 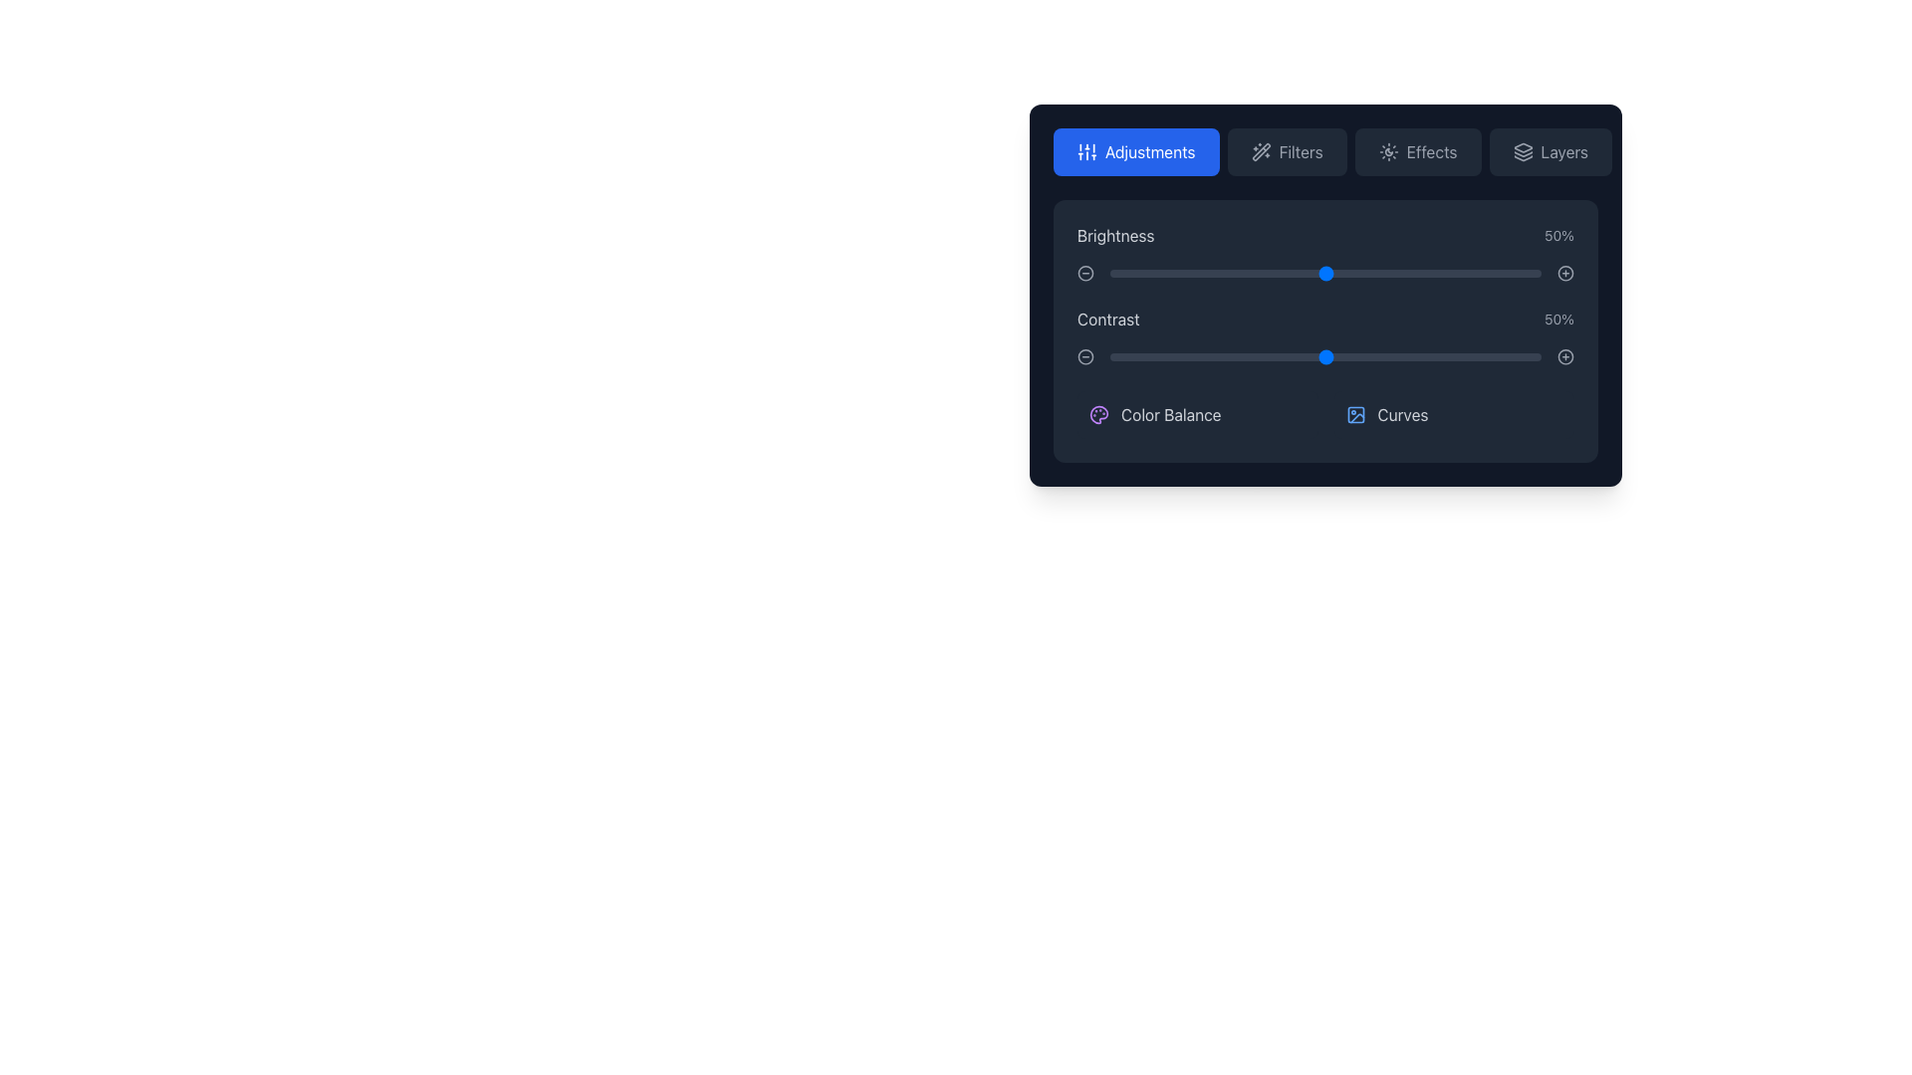 I want to click on the text element displaying '50%' with a gray color and small font size, positioned to the right of the 'Brightness' label in the top-right corner of the interface, so click(x=1557, y=234).